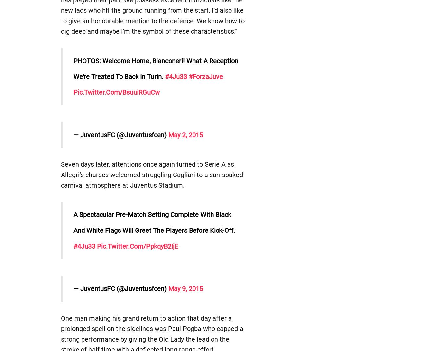 The image size is (442, 351). Describe the element at coordinates (185, 289) in the screenshot. I see `'May 9, 2015'` at that location.